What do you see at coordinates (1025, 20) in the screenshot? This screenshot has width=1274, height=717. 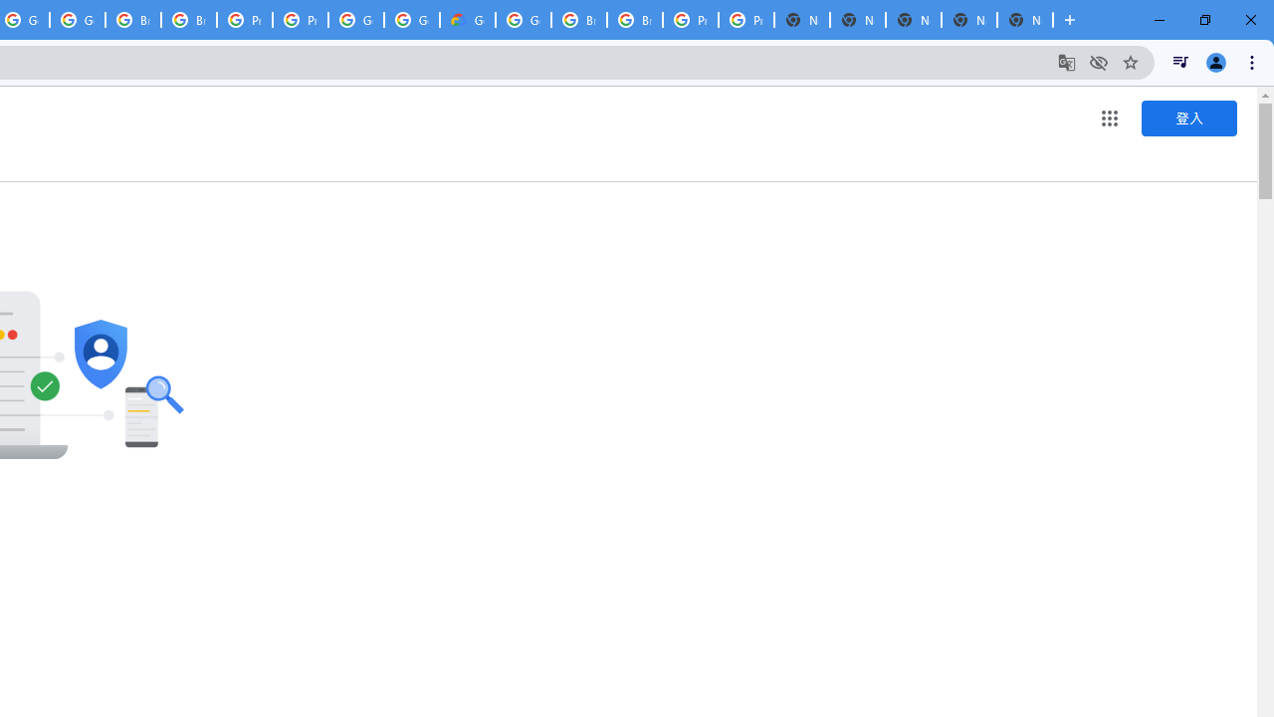 I see `'New Tab'` at bounding box center [1025, 20].